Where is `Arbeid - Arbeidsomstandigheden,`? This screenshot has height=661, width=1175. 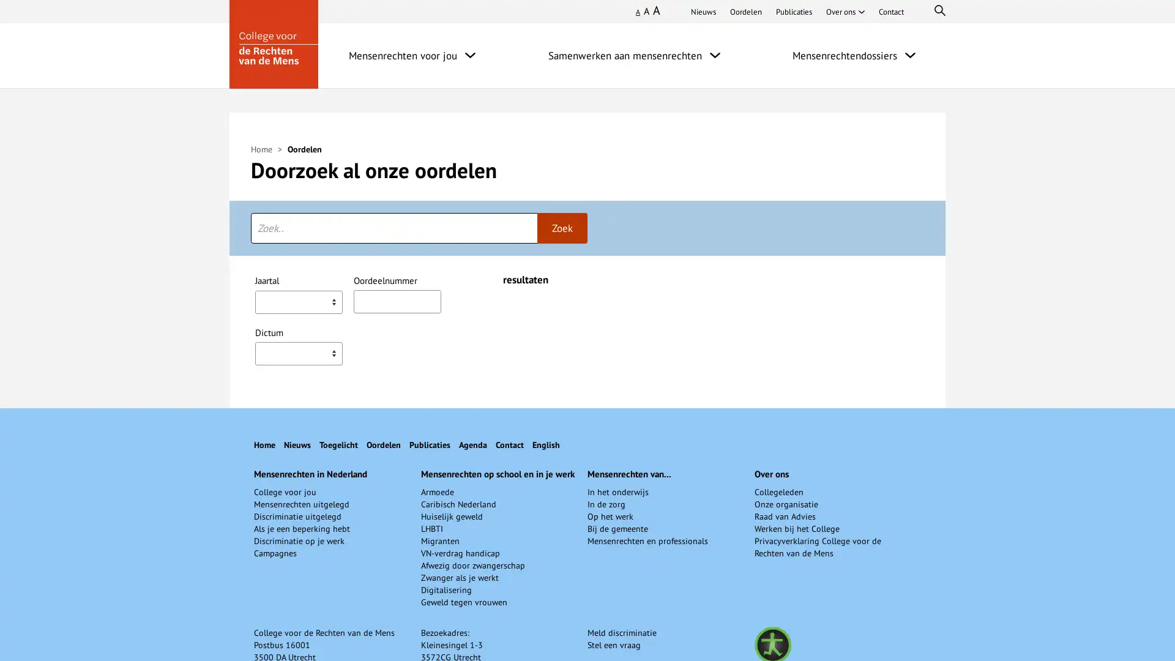 Arbeid - Arbeidsomstandigheden, is located at coordinates (599, 520).